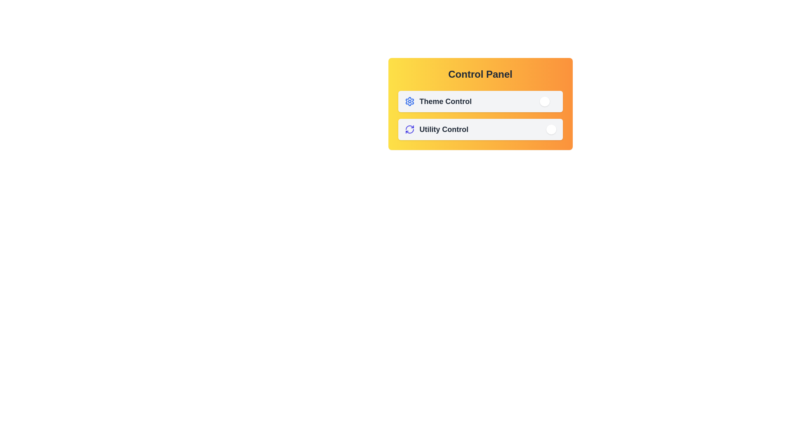  I want to click on the toggle switch styled as a horizontal slider with a red background, located in the top section of the 'Theme Control' card, to change its state, so click(548, 101).